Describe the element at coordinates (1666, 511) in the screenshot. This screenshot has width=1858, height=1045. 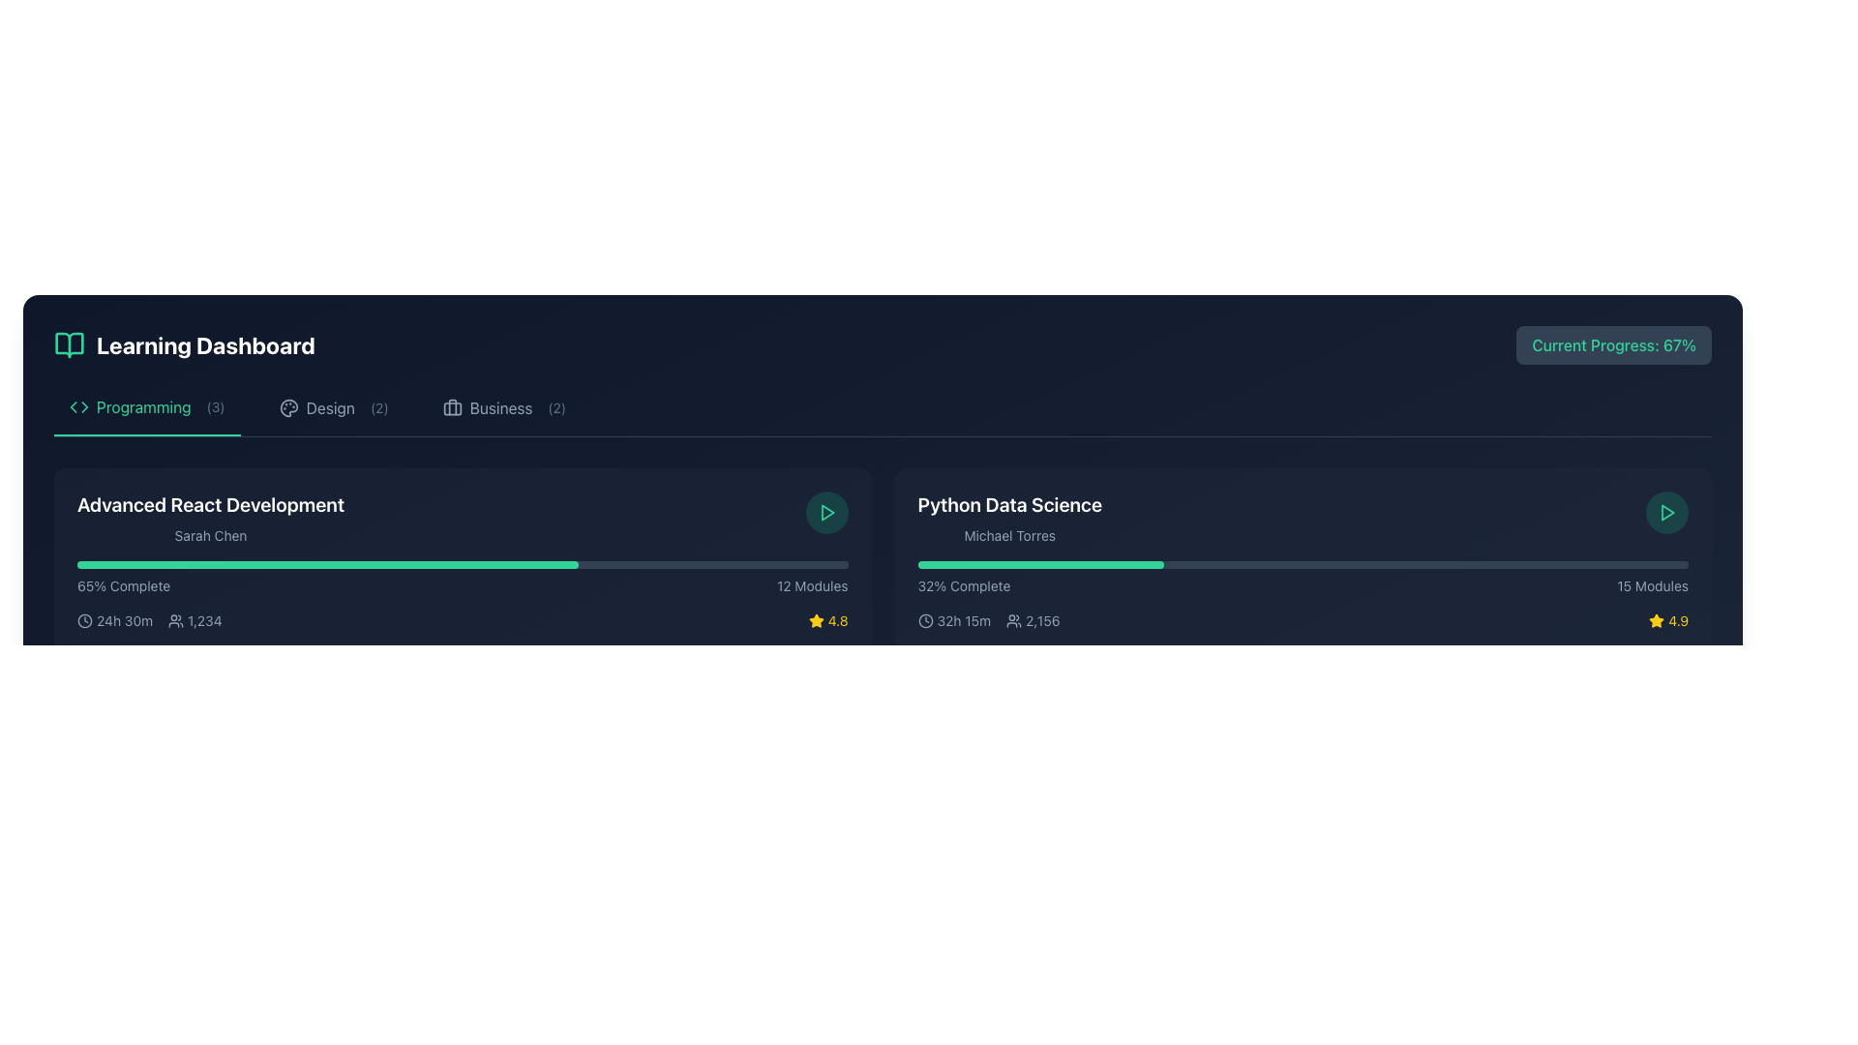
I see `the triangular play icon button within a circle on the far right side of the 'Python Data Science' course card` at that location.